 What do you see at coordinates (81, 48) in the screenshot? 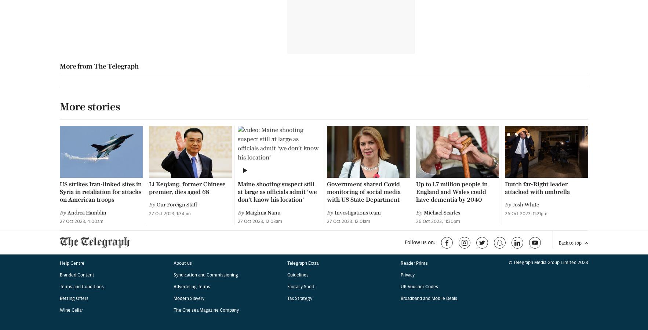
I see `'Terms and Conditions'` at bounding box center [81, 48].